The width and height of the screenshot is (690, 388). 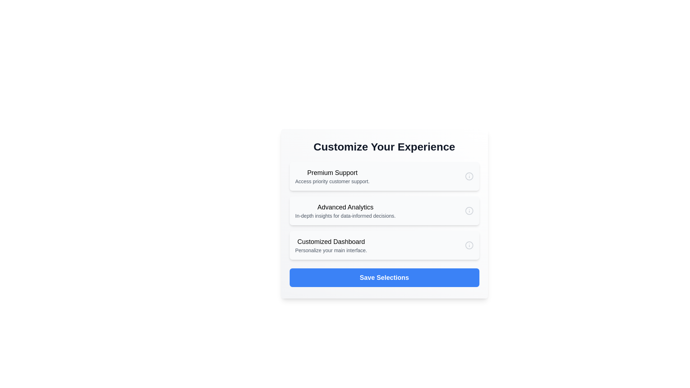 What do you see at coordinates (384, 245) in the screenshot?
I see `the feature Customized Dashboard` at bounding box center [384, 245].